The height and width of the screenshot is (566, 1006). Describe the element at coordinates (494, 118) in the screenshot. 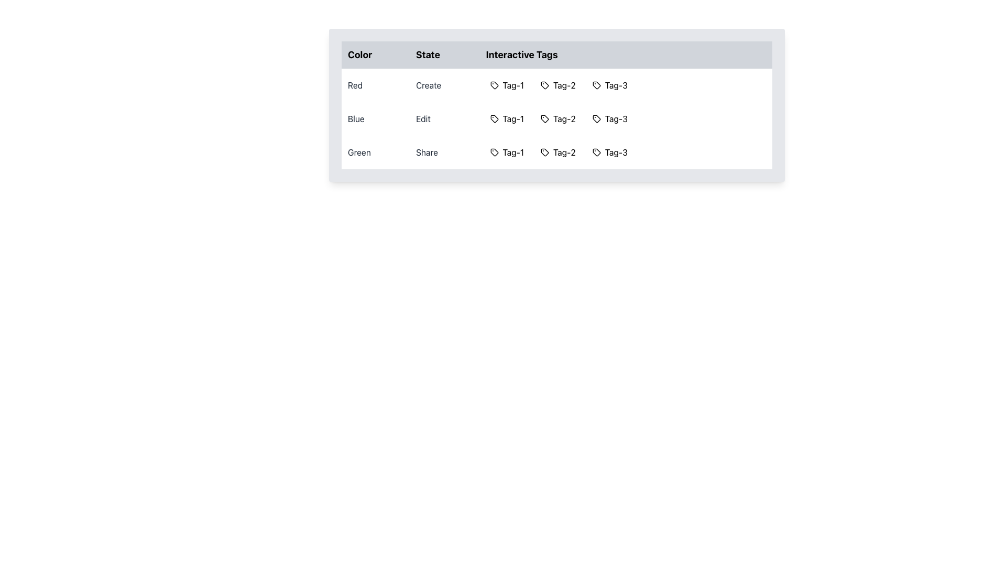

I see `the blue tag icon located in the 'Interactive Tags' section` at that location.